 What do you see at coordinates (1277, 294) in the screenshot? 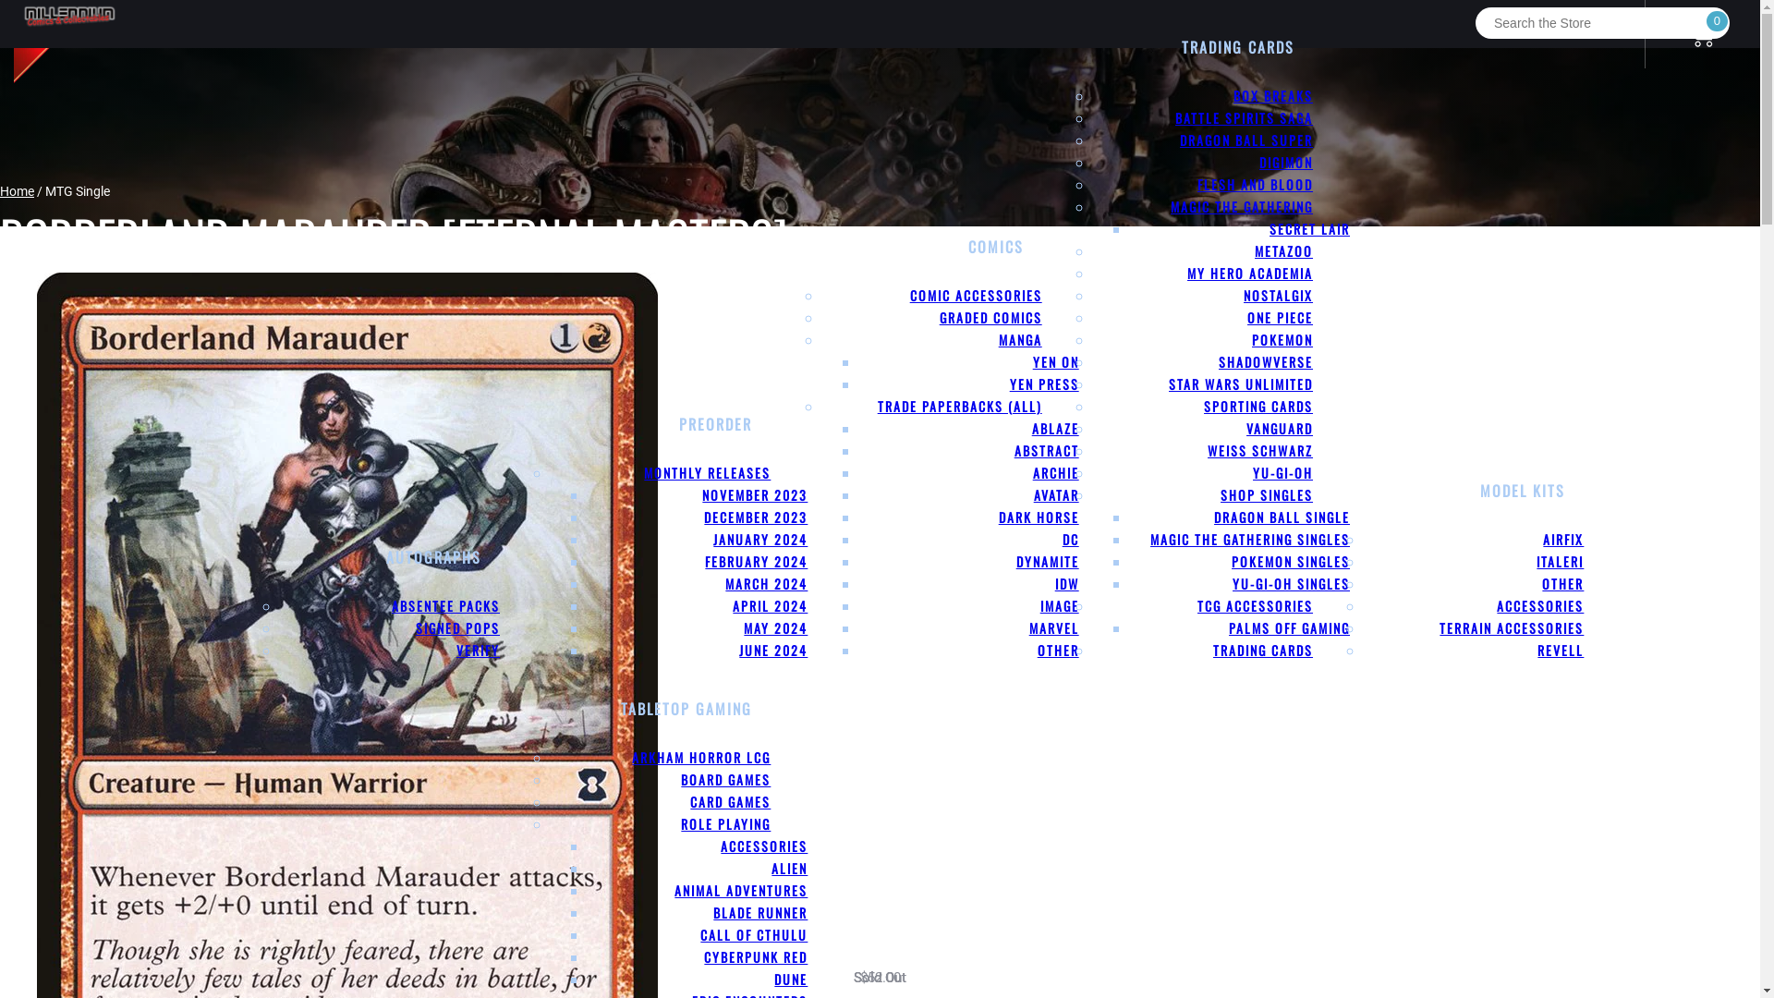
I see `'NOSTALGIX'` at bounding box center [1277, 294].